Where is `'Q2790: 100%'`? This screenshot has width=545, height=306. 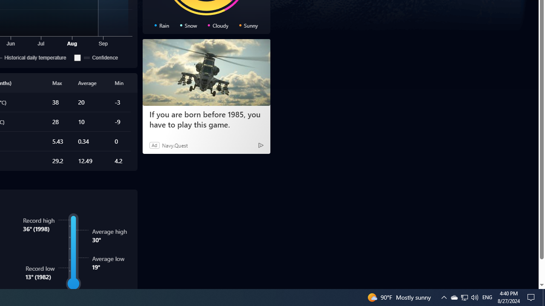
'Q2790: 100%' is located at coordinates (474, 297).